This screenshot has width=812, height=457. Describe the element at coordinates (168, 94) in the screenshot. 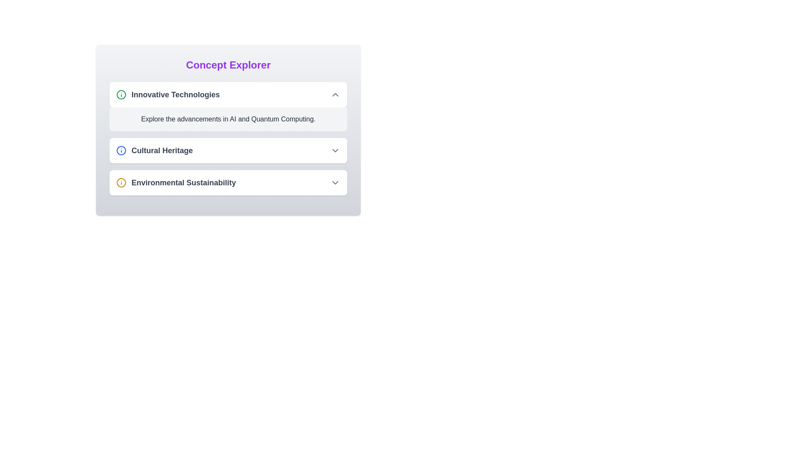

I see `the 'Innovative Technologies' text and icon label list item` at that location.